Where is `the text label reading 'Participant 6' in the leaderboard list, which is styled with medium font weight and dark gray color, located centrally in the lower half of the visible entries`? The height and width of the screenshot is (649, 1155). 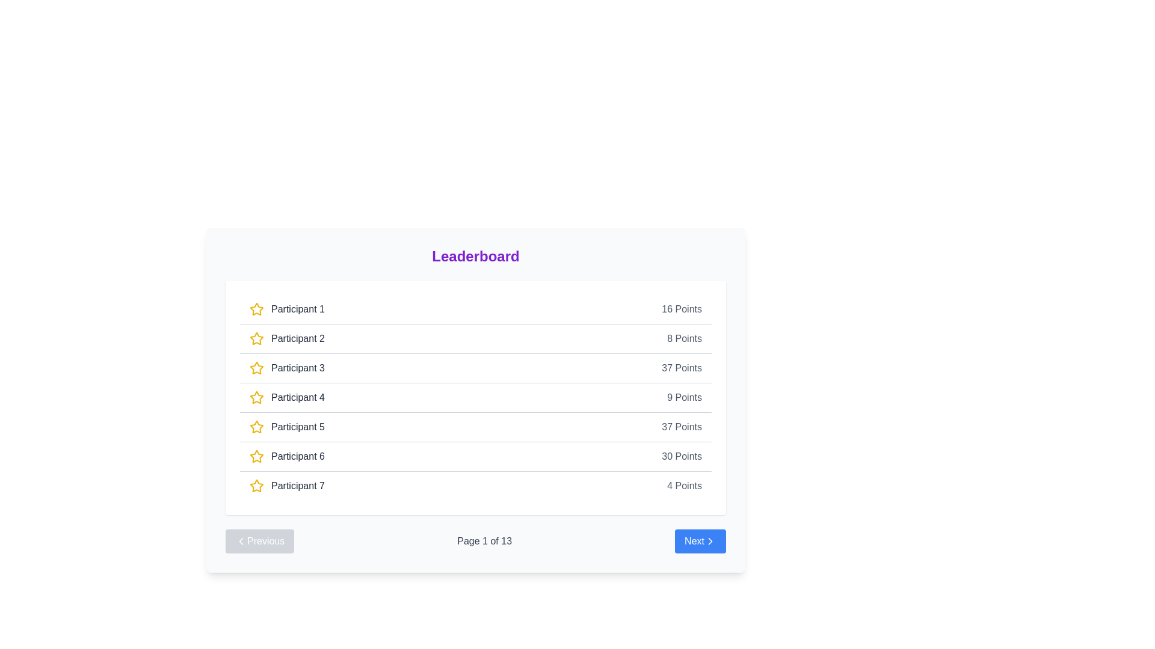
the text label reading 'Participant 6' in the leaderboard list, which is styled with medium font weight and dark gray color, located centrally in the lower half of the visible entries is located at coordinates (298, 456).